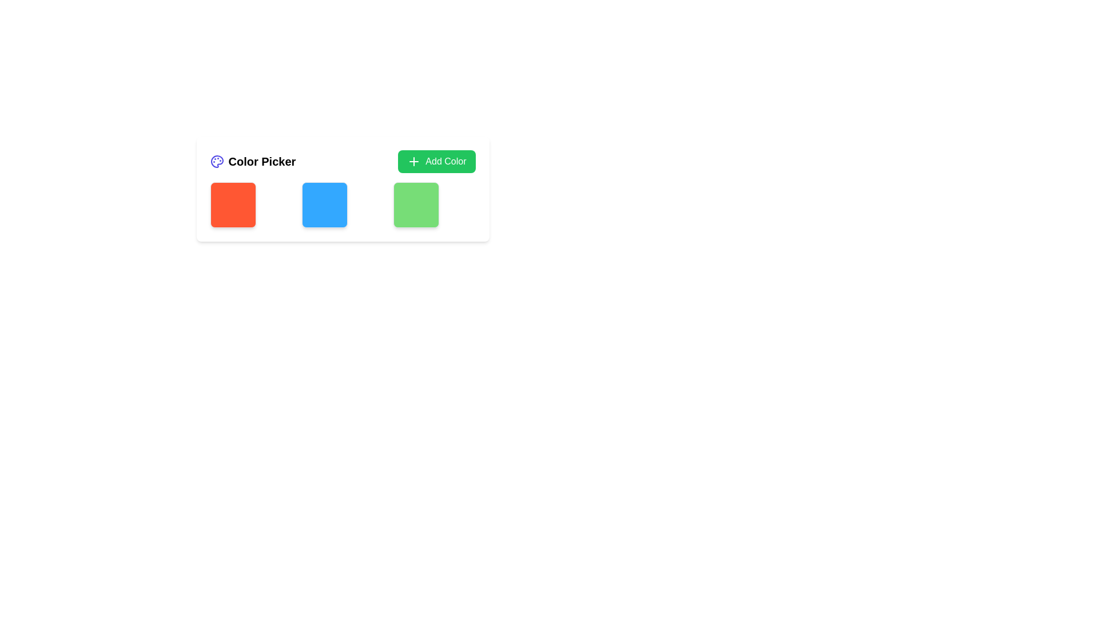  Describe the element at coordinates (232, 204) in the screenshot. I see `the selectable color box representing the red color option in the color picker interface` at that location.